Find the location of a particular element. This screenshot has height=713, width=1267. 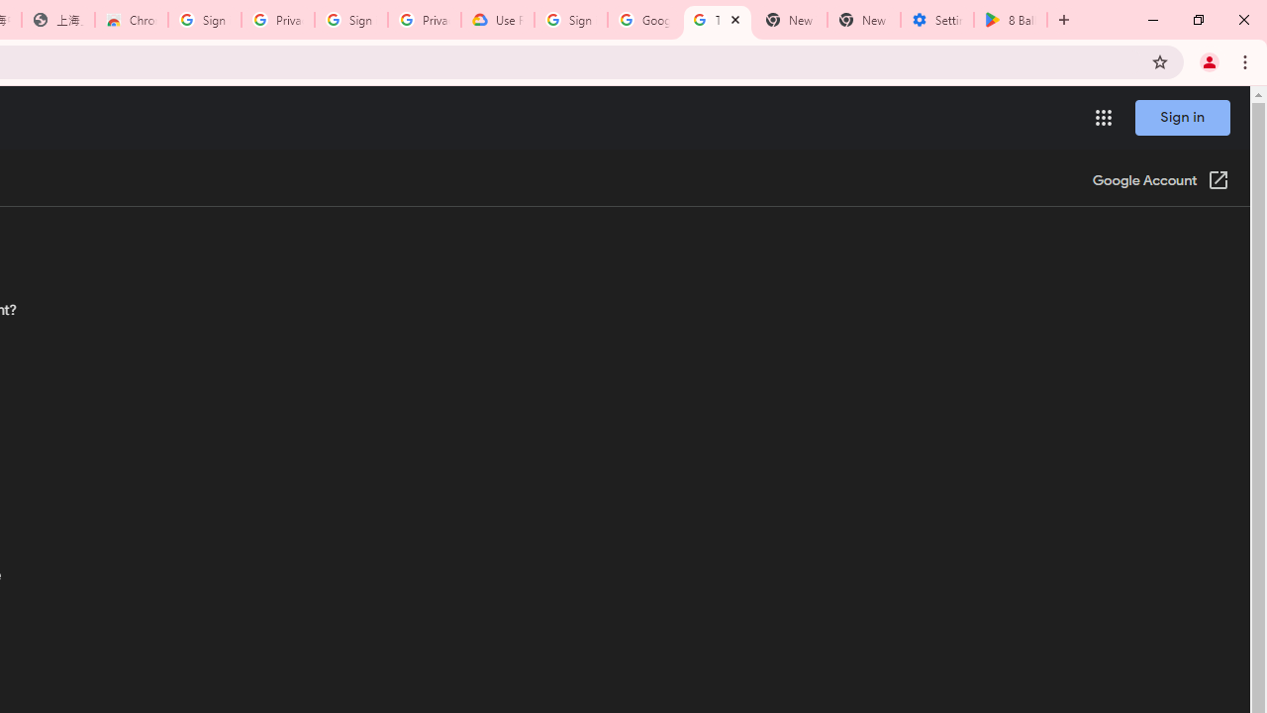

'8 Ball Pool - Apps on Google Play' is located at coordinates (1011, 20).